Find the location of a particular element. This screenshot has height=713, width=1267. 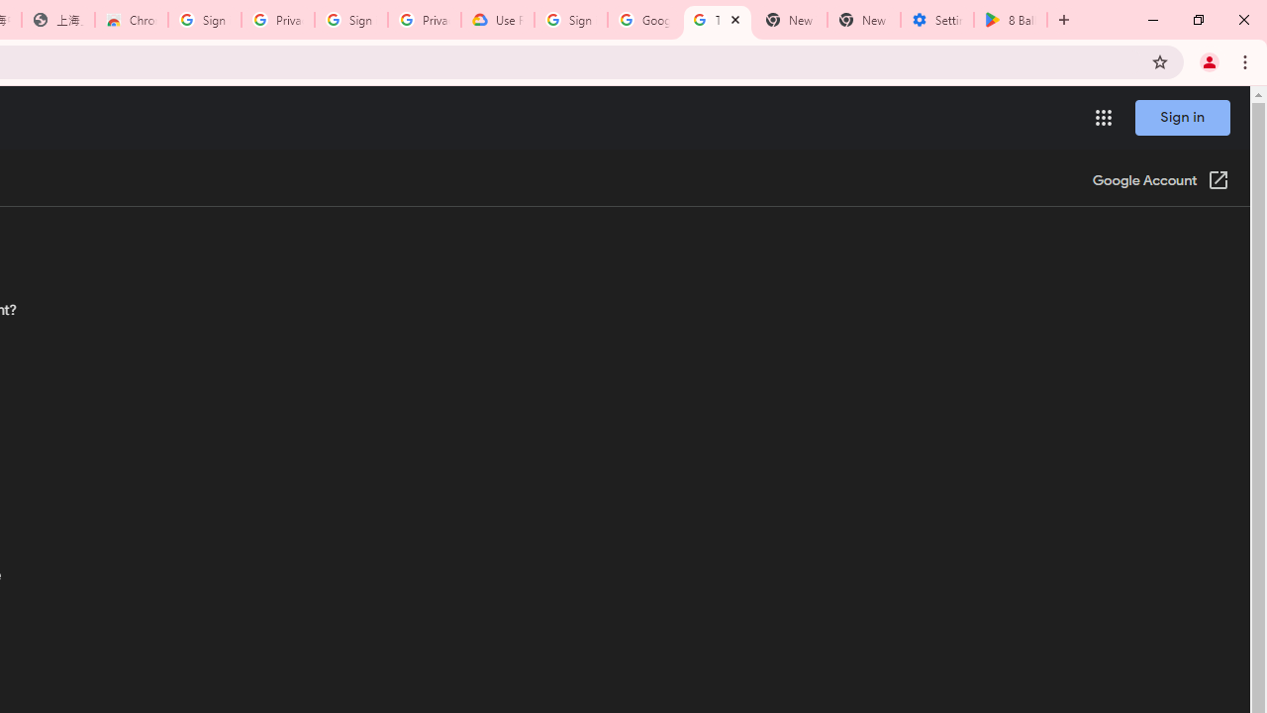

'8 Ball Pool - Apps on Google Play' is located at coordinates (1011, 20).